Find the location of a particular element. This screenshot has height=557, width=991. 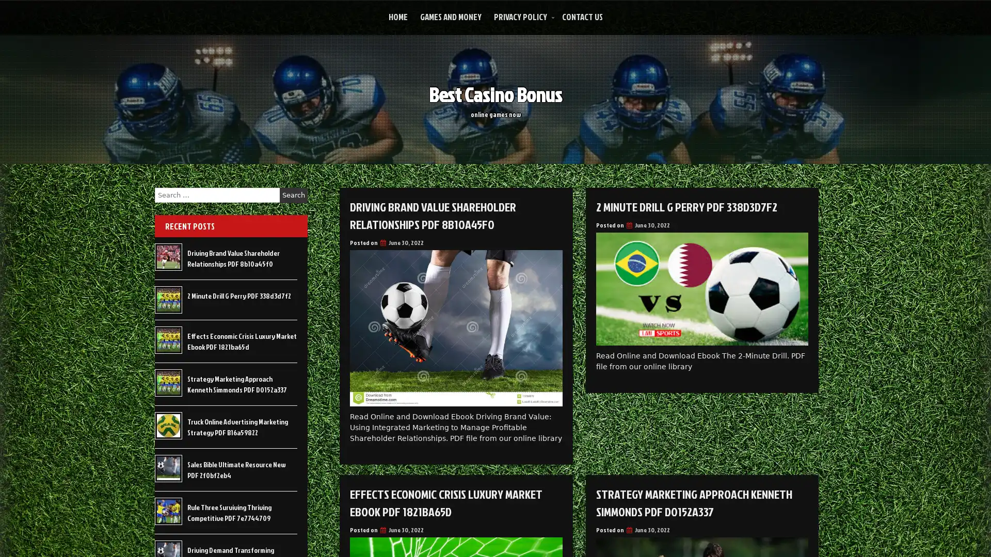

Search is located at coordinates (293, 195).